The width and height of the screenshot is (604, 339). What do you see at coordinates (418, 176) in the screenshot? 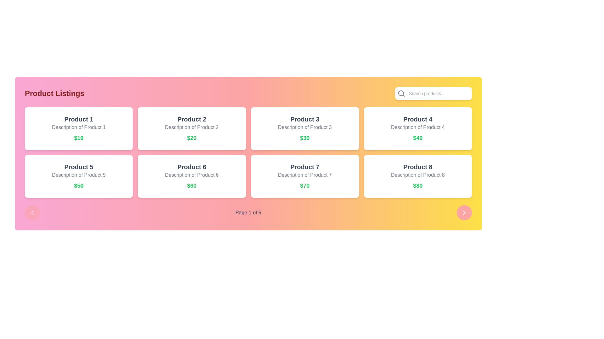
I see `the Product card that displays the product information, positioned as the eighth item in a grid layout, located to the right of the 'Product 7' card` at bounding box center [418, 176].